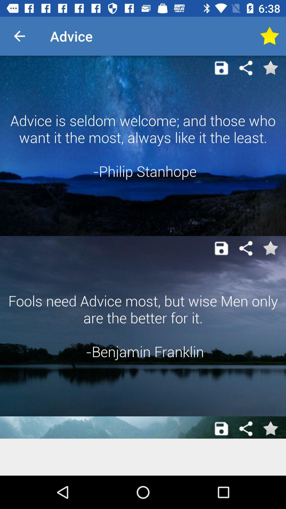 The width and height of the screenshot is (286, 509). Describe the element at coordinates (221, 248) in the screenshot. I see `content` at that location.